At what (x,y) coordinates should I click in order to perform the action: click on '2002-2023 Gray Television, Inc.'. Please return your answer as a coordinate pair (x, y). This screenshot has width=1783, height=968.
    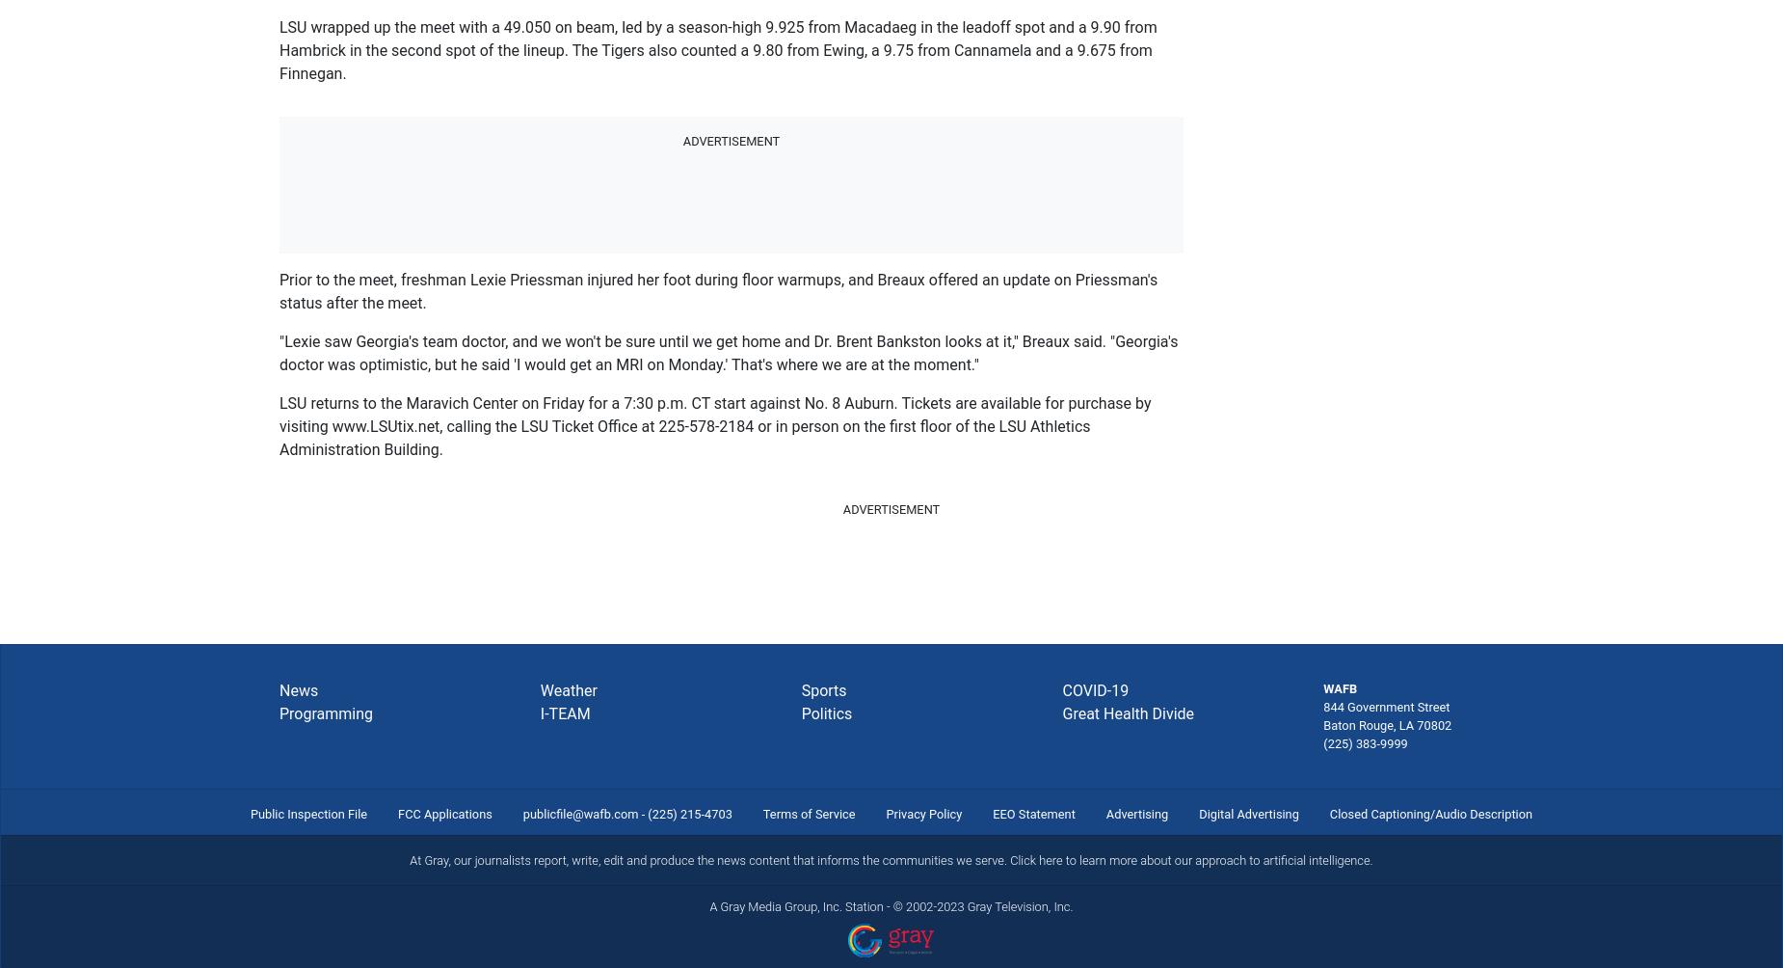
    Looking at the image, I should click on (988, 904).